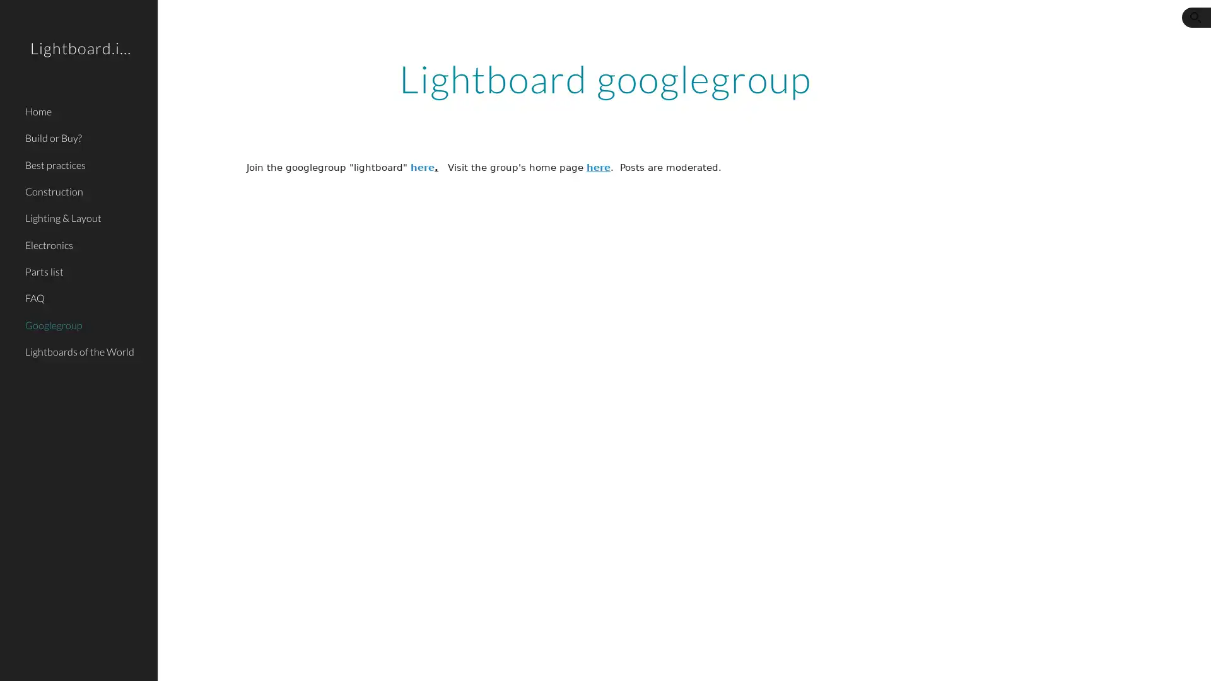  What do you see at coordinates (255, 658) in the screenshot?
I see `Google Sites` at bounding box center [255, 658].